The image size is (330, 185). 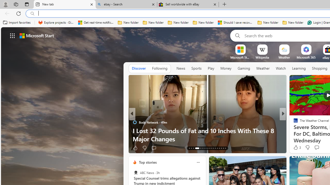 What do you see at coordinates (243, 68) in the screenshot?
I see `'Gaming'` at bounding box center [243, 68].